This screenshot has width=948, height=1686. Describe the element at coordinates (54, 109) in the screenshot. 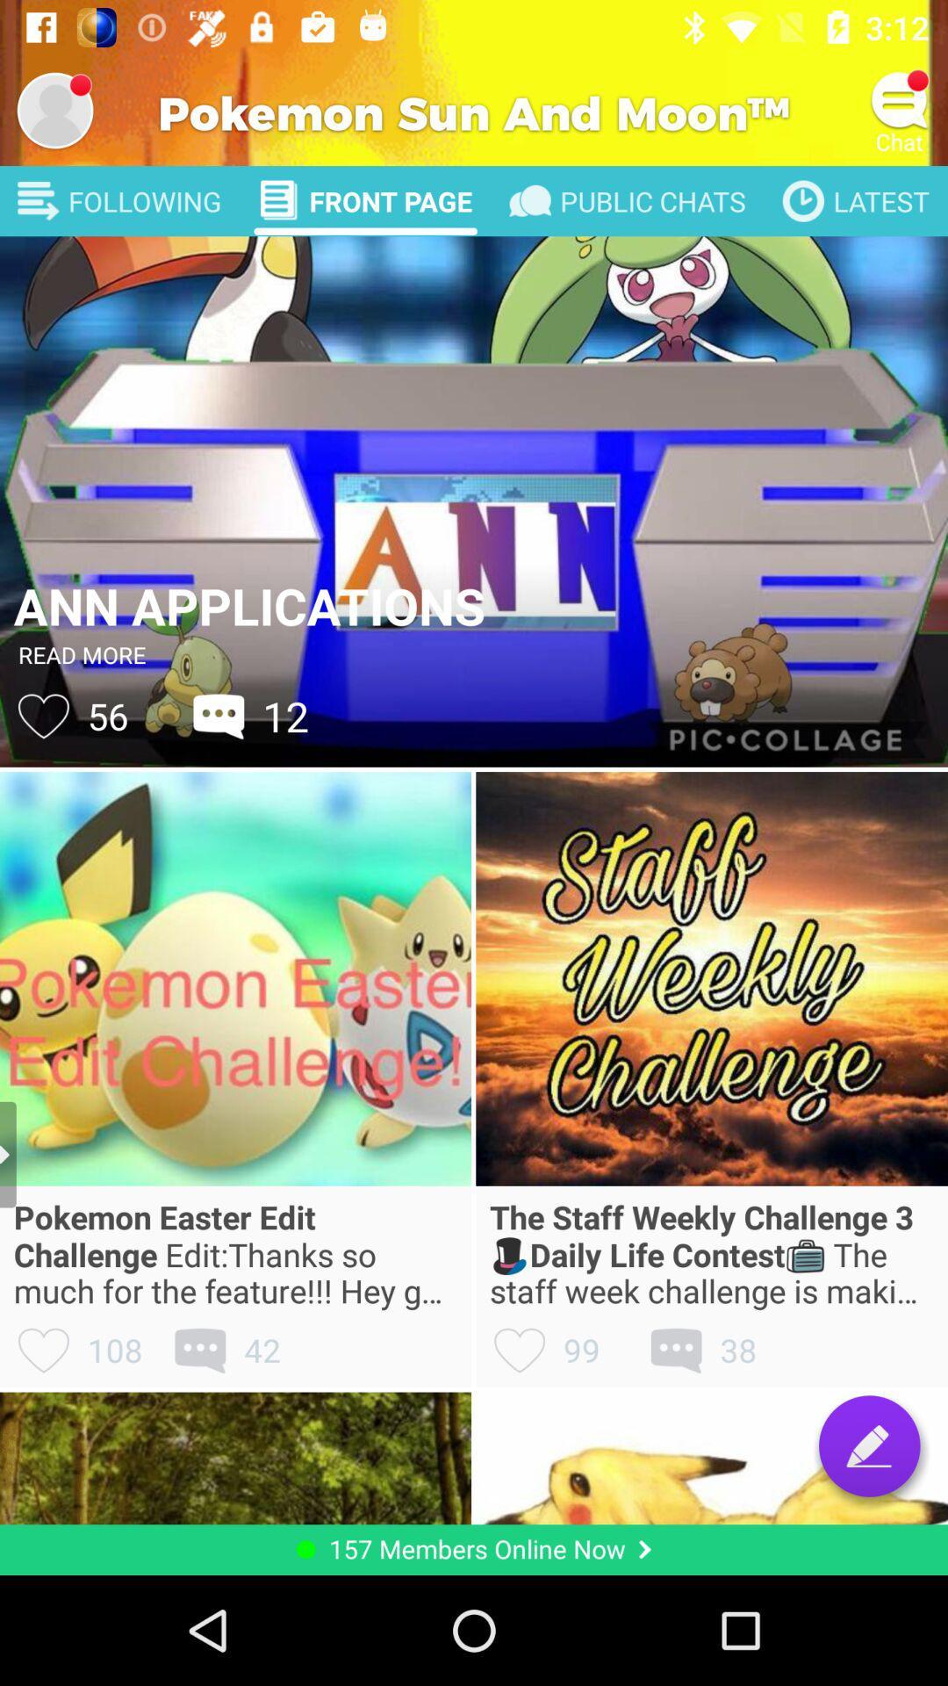

I see `profile image` at that location.